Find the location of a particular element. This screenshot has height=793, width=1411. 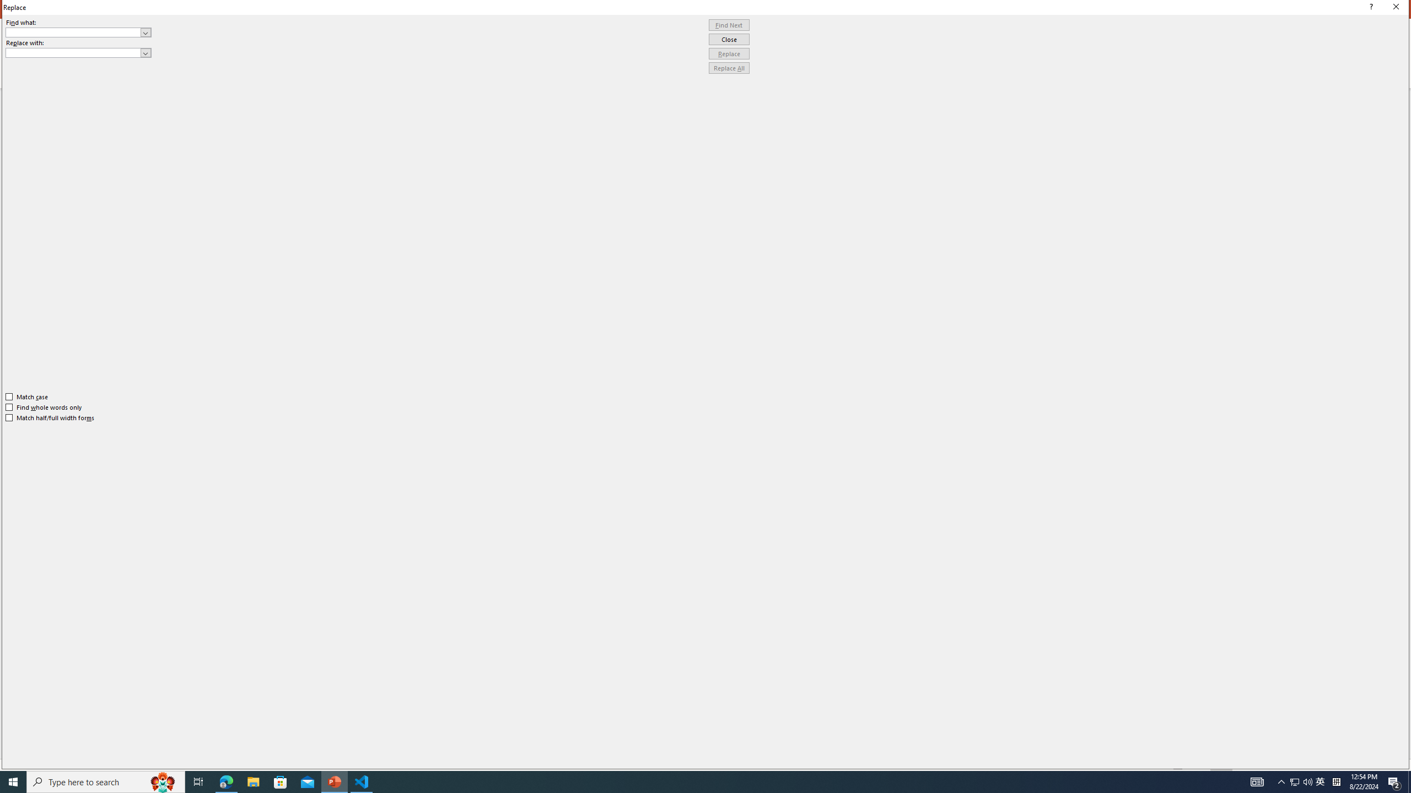

'Match half/full width forms' is located at coordinates (50, 417).